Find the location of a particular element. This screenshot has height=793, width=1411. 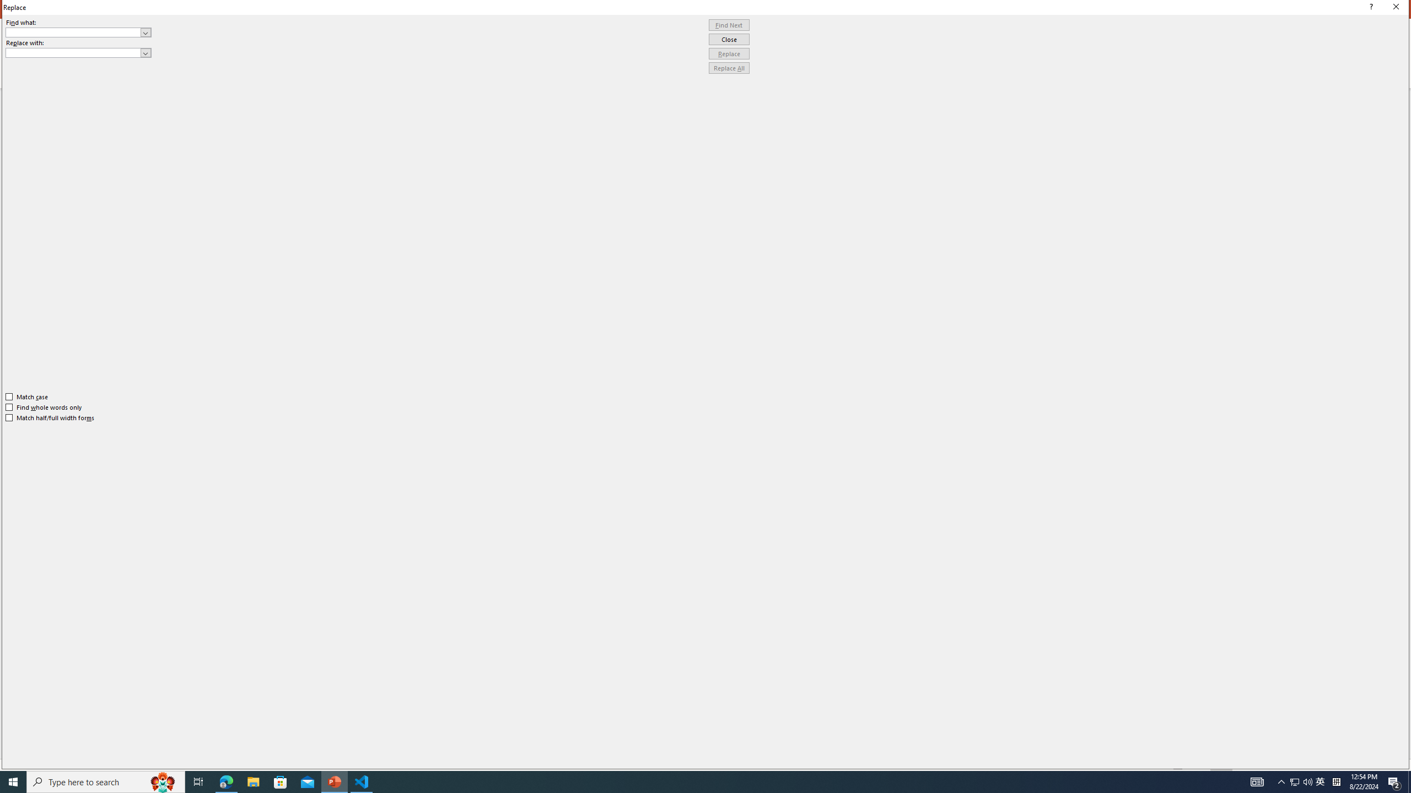

'Match half/full width forms' is located at coordinates (50, 417).